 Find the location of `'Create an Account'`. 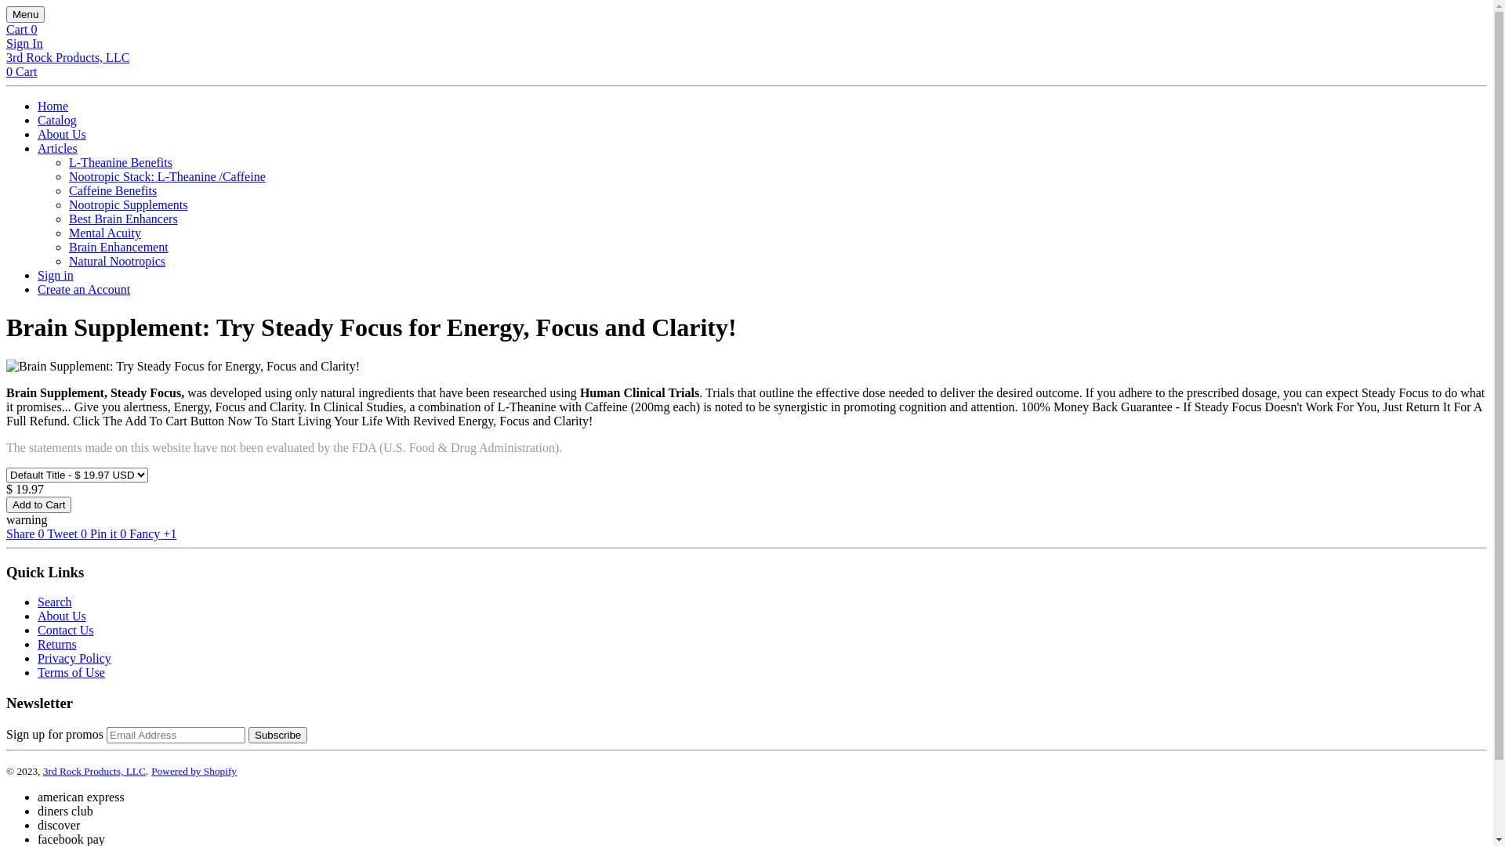

'Create an Account' is located at coordinates (38, 289).